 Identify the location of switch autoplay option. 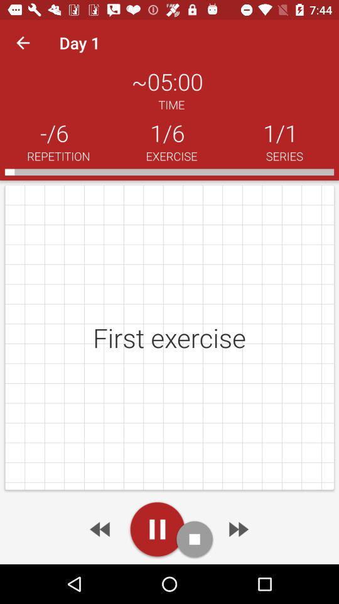
(157, 528).